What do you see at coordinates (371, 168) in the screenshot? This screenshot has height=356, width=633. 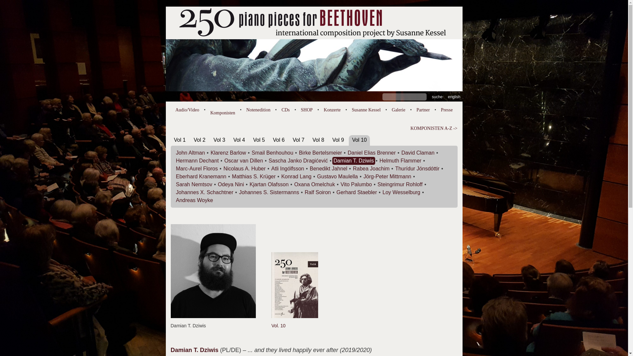 I see `'Rabea Joachim'` at bounding box center [371, 168].